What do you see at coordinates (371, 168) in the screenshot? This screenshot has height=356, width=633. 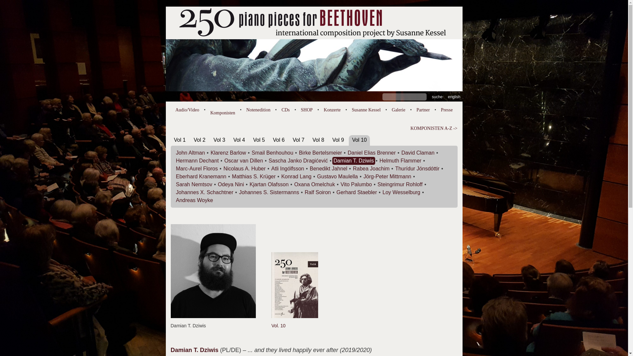 I see `'Rabea Joachim'` at bounding box center [371, 168].